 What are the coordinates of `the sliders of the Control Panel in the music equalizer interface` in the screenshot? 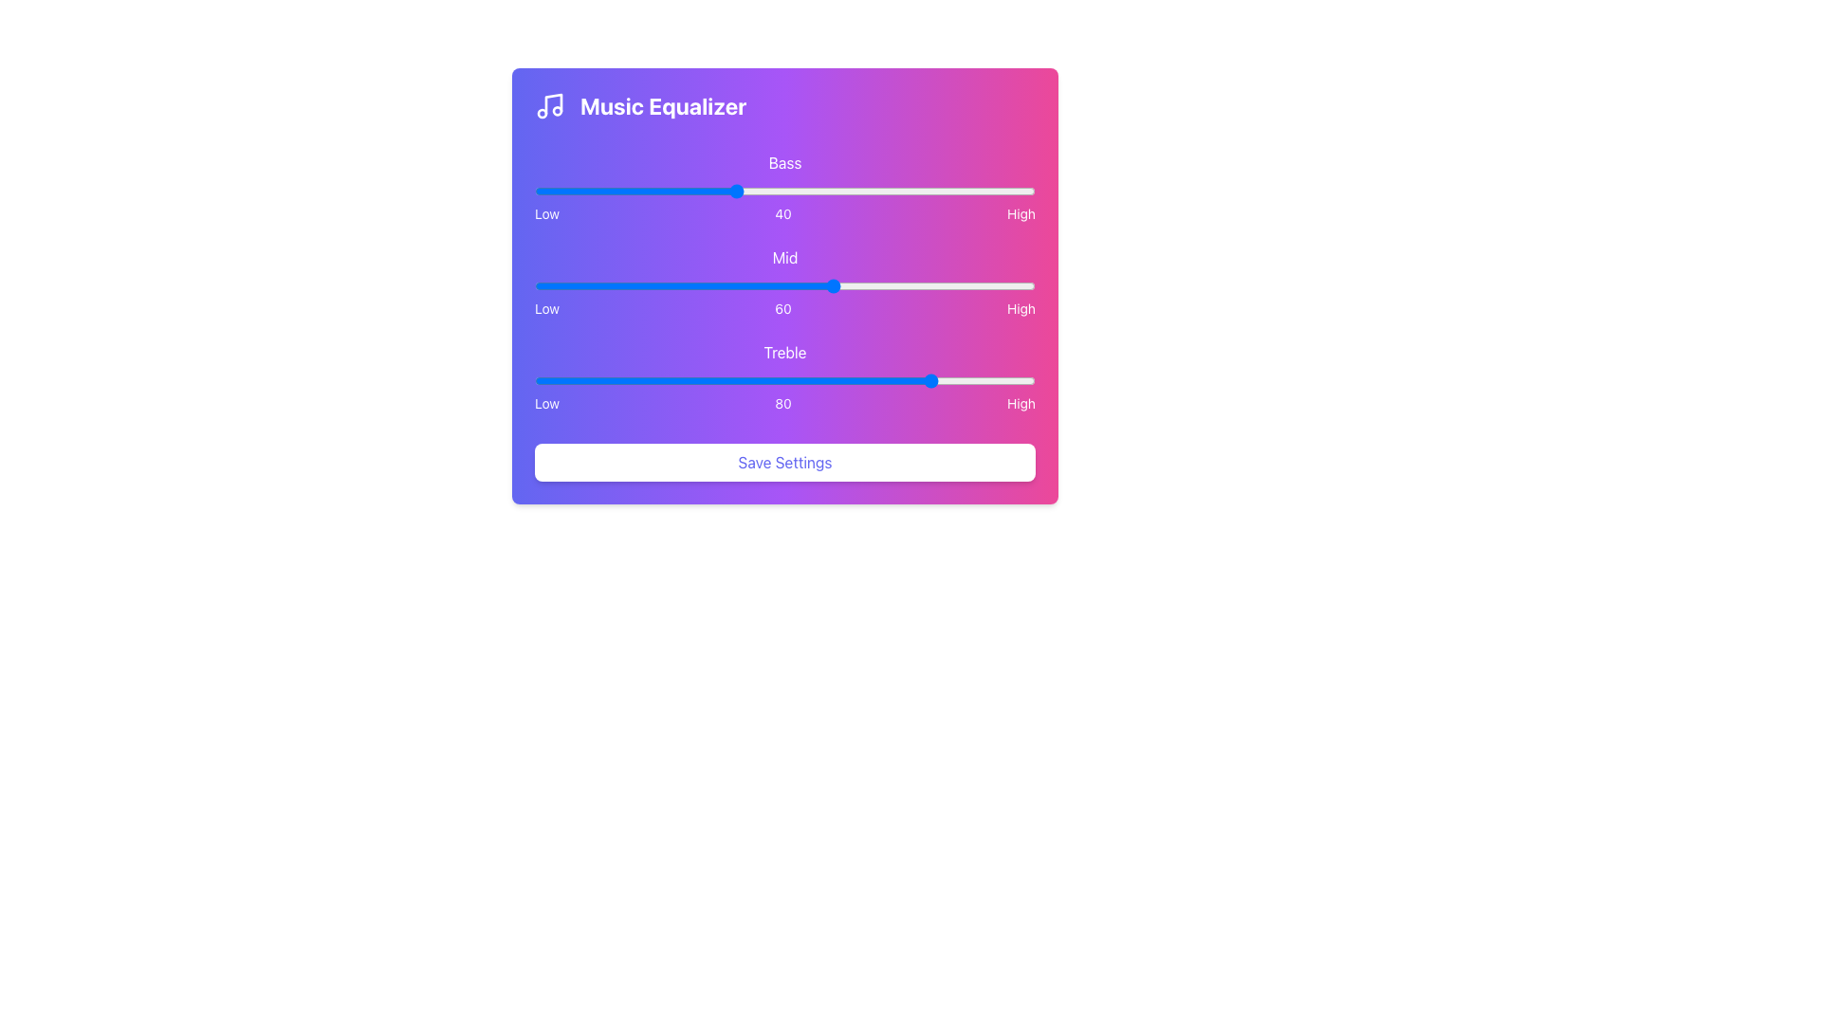 It's located at (785, 282).